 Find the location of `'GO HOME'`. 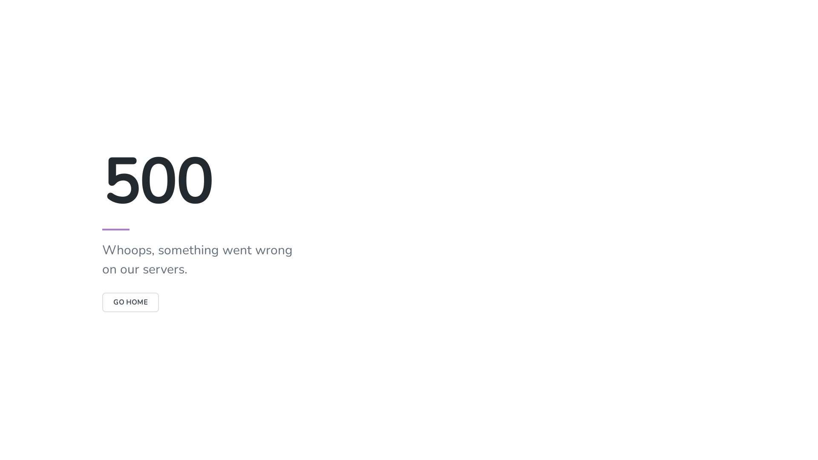

'GO HOME' is located at coordinates (130, 302).